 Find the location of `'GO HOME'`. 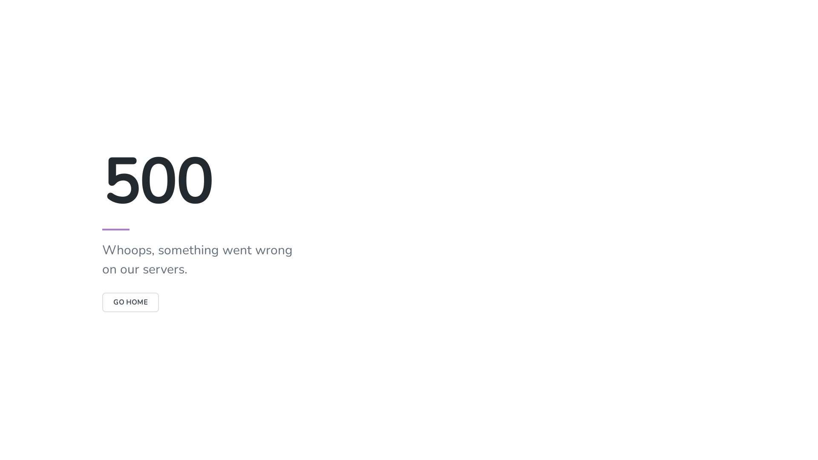

'GO HOME' is located at coordinates (130, 302).